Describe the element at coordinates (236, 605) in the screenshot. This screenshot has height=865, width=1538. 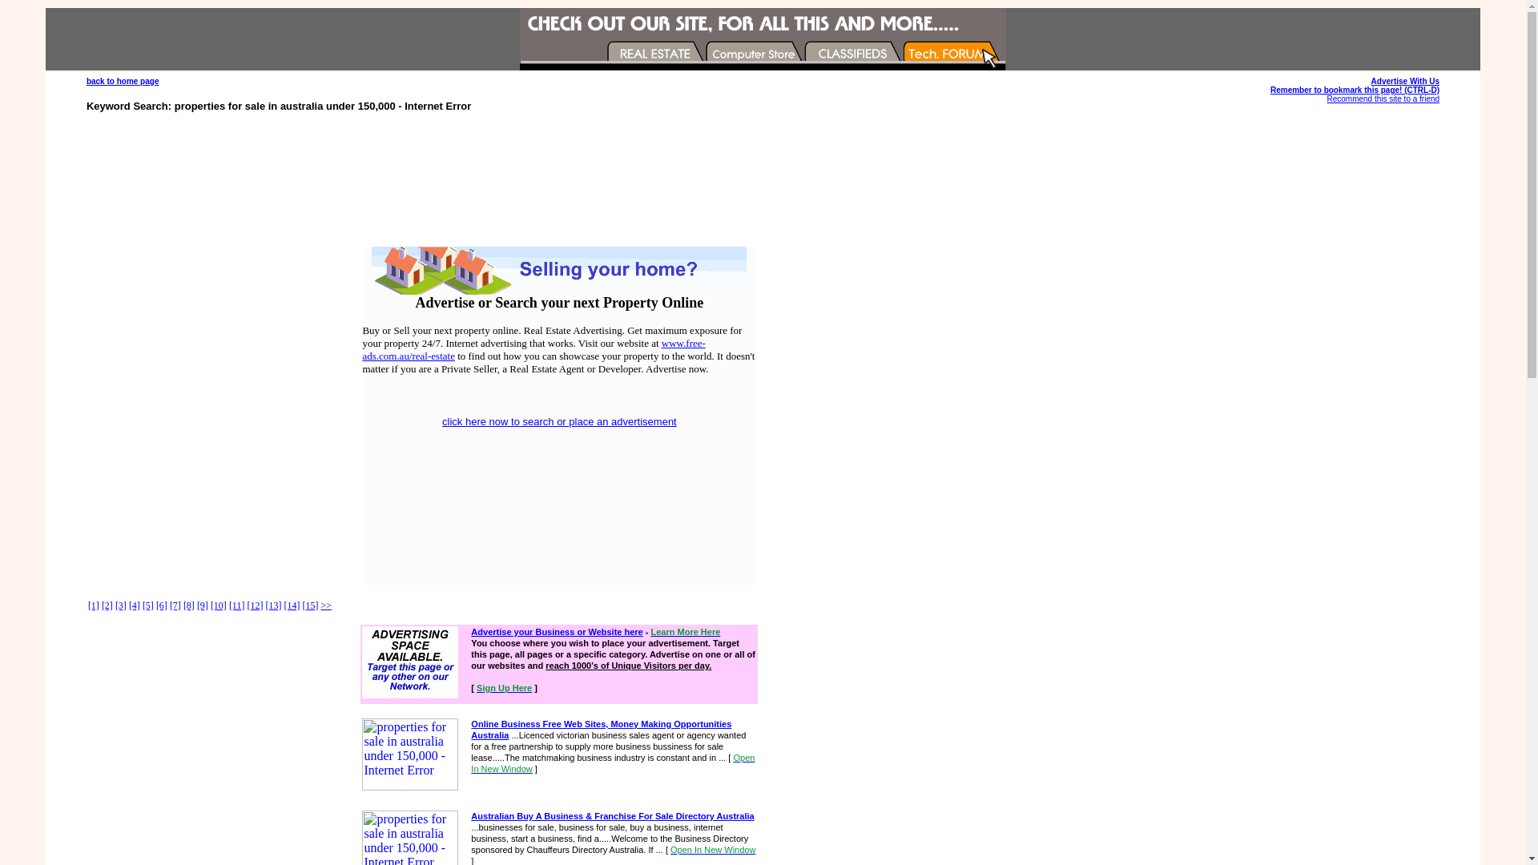
I see `'[11]'` at that location.